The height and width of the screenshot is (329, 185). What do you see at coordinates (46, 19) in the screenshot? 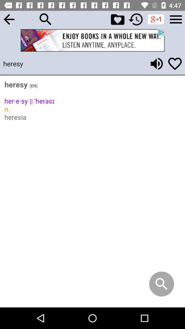
I see `the search icon` at bounding box center [46, 19].